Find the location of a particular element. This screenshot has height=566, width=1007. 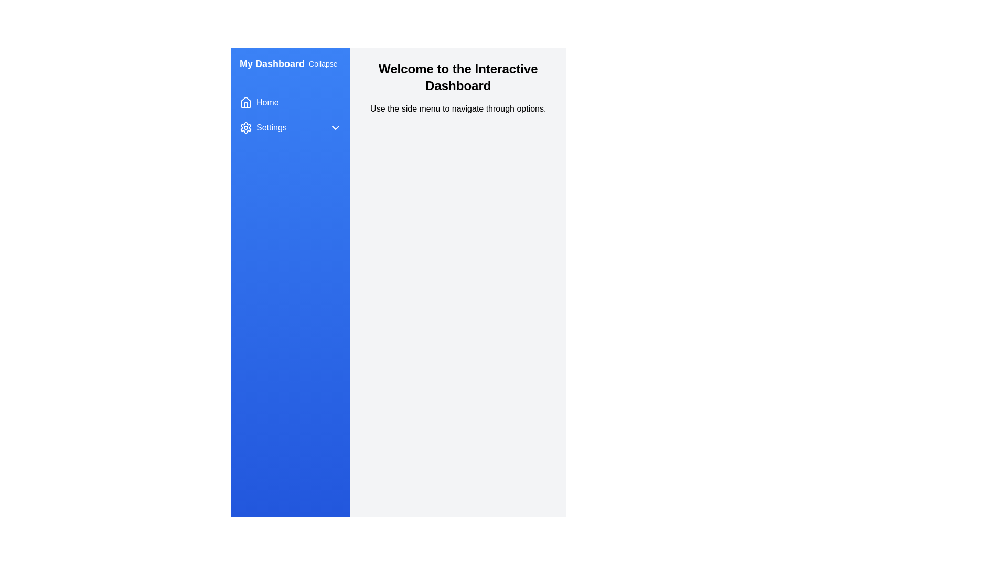

the instructional static text located below the header 'Welcome to the Interactive Dashboard', which guides users to use the side menu for navigation is located at coordinates (458, 109).